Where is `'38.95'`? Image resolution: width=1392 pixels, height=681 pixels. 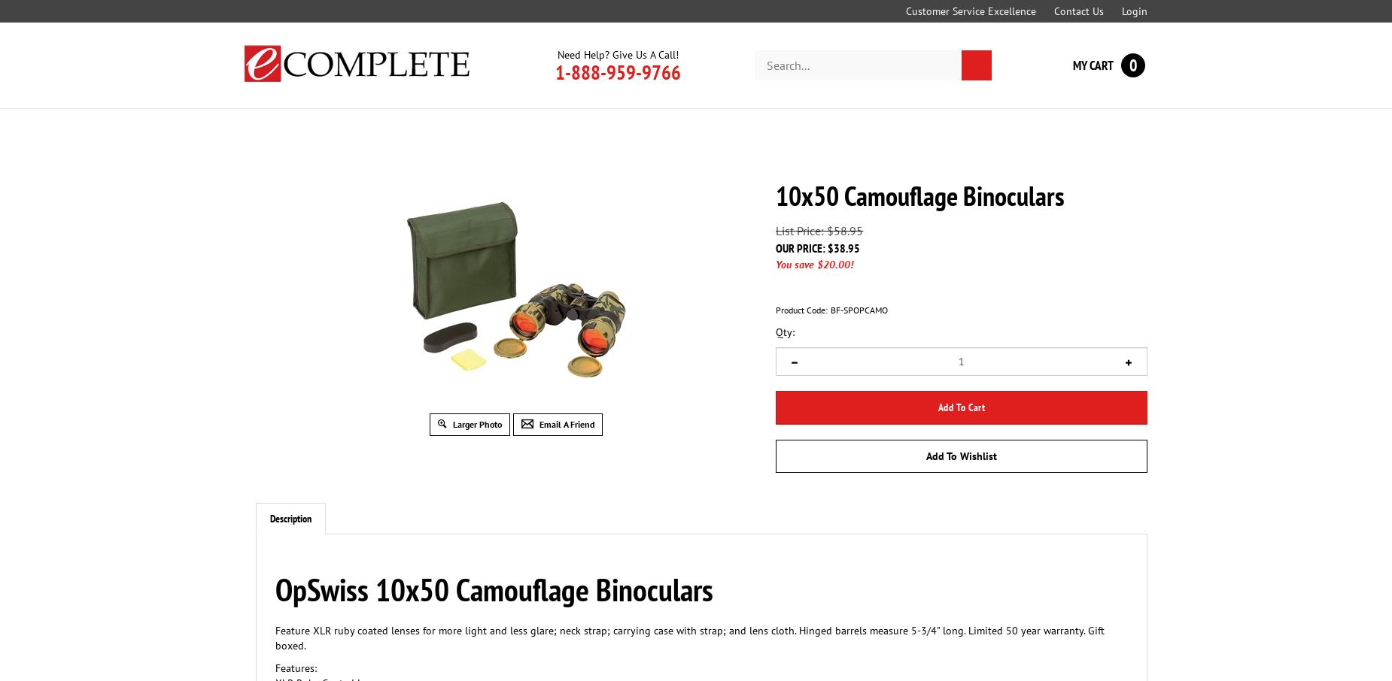
'38.95' is located at coordinates (846, 247).